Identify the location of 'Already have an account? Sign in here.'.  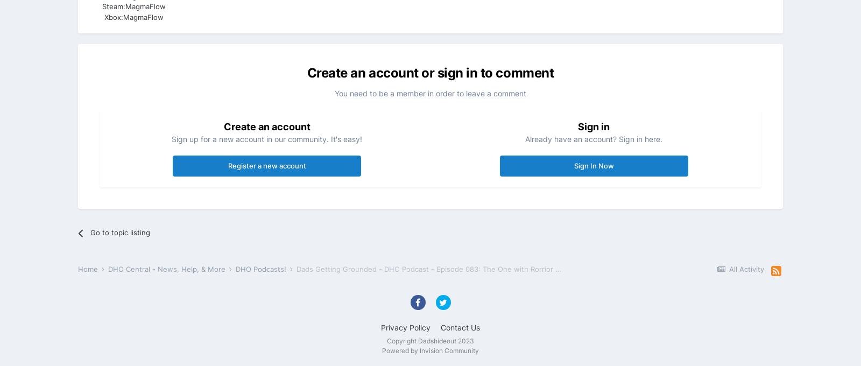
(525, 138).